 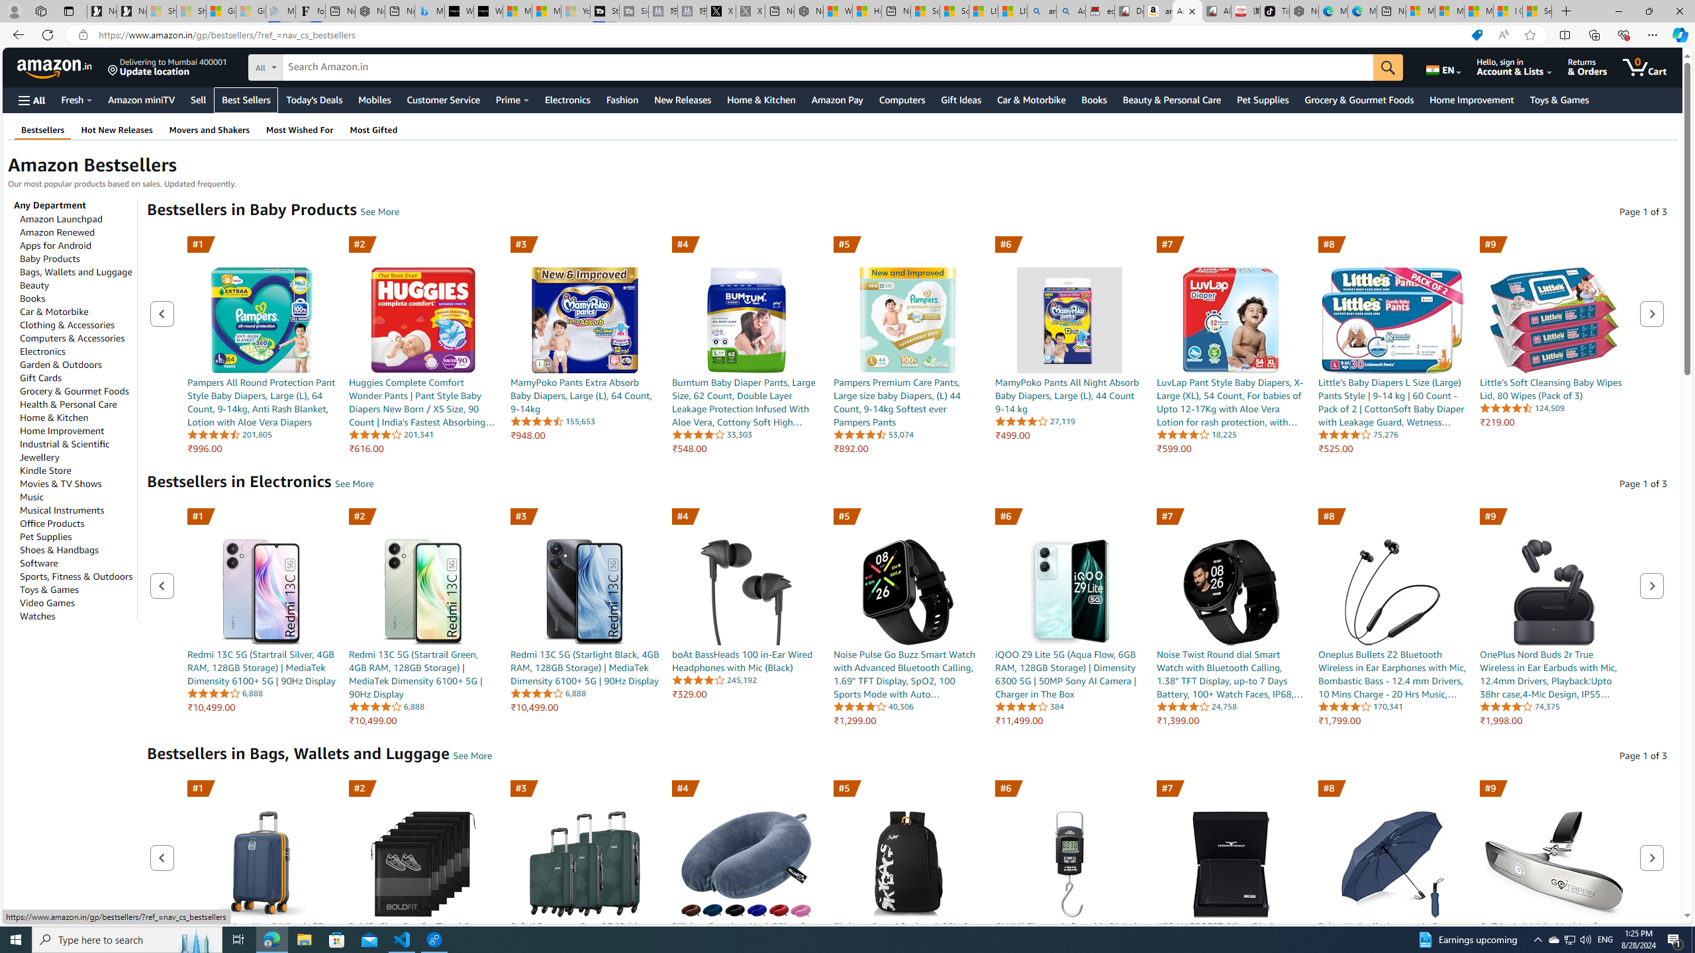 I want to click on 'Nordace - #1 Japanese Best-Seller - Siena Smart Backpack', so click(x=369, y=11).